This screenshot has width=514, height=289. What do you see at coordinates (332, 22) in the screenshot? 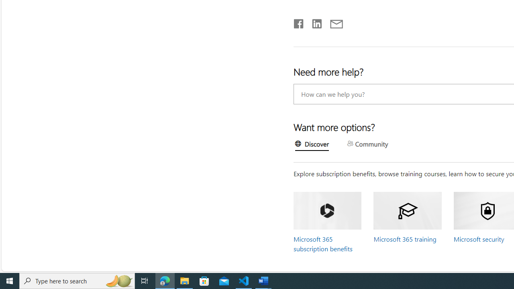
I see `'Share by email'` at bounding box center [332, 22].